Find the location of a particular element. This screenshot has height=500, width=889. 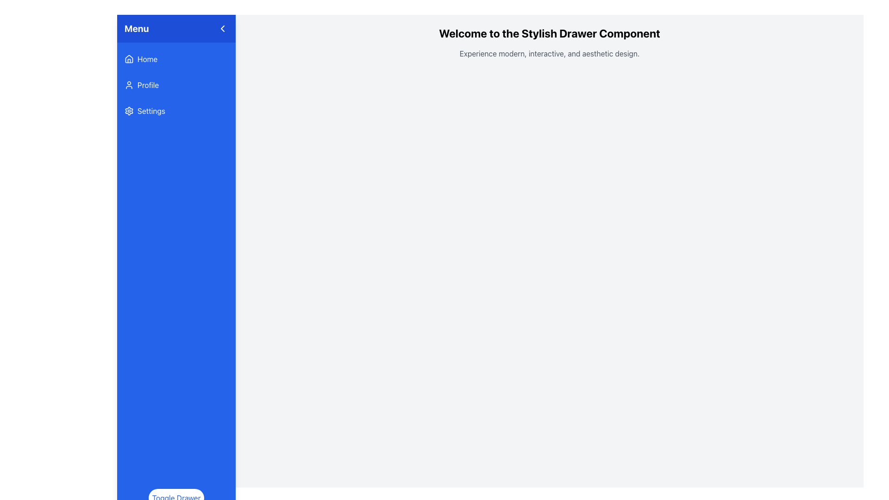

the house-shaped icon in the left sidebar menu labeled 'Home', which is styled in white with a blue background is located at coordinates (128, 59).